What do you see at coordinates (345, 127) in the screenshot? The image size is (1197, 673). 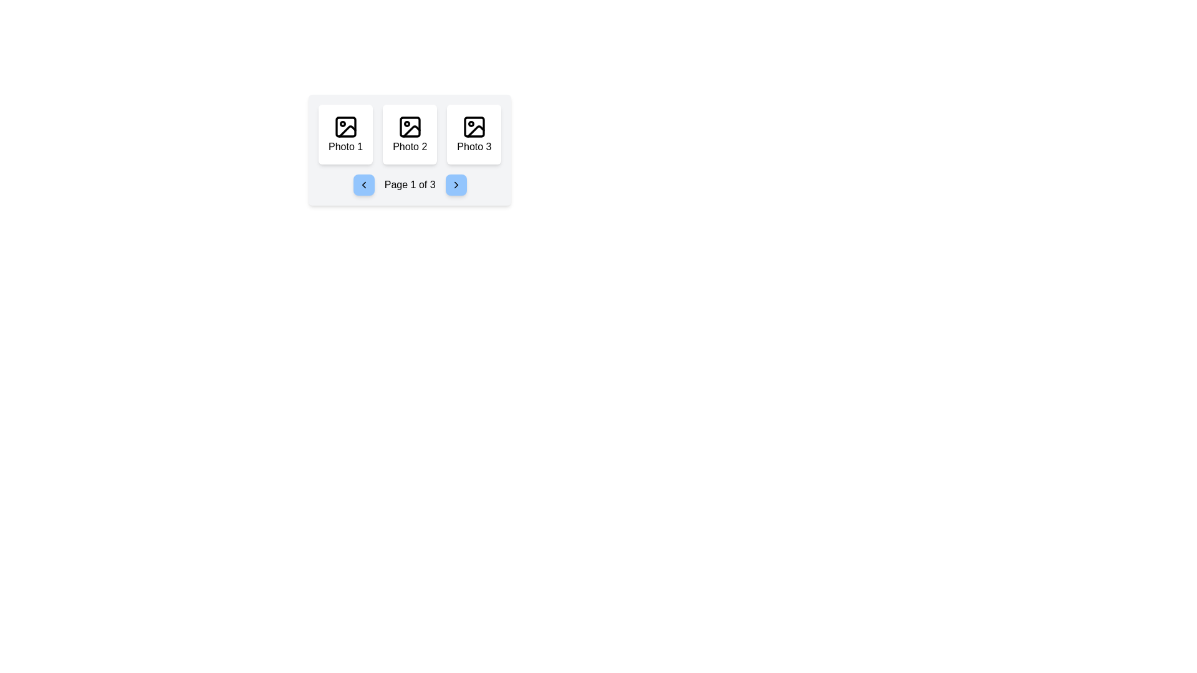 I see `the decorative graphical element that is a rectangle with rounded corners within the 'Photo 1' icon in the gallery interface, located towards the upper-left area of the icon` at bounding box center [345, 127].